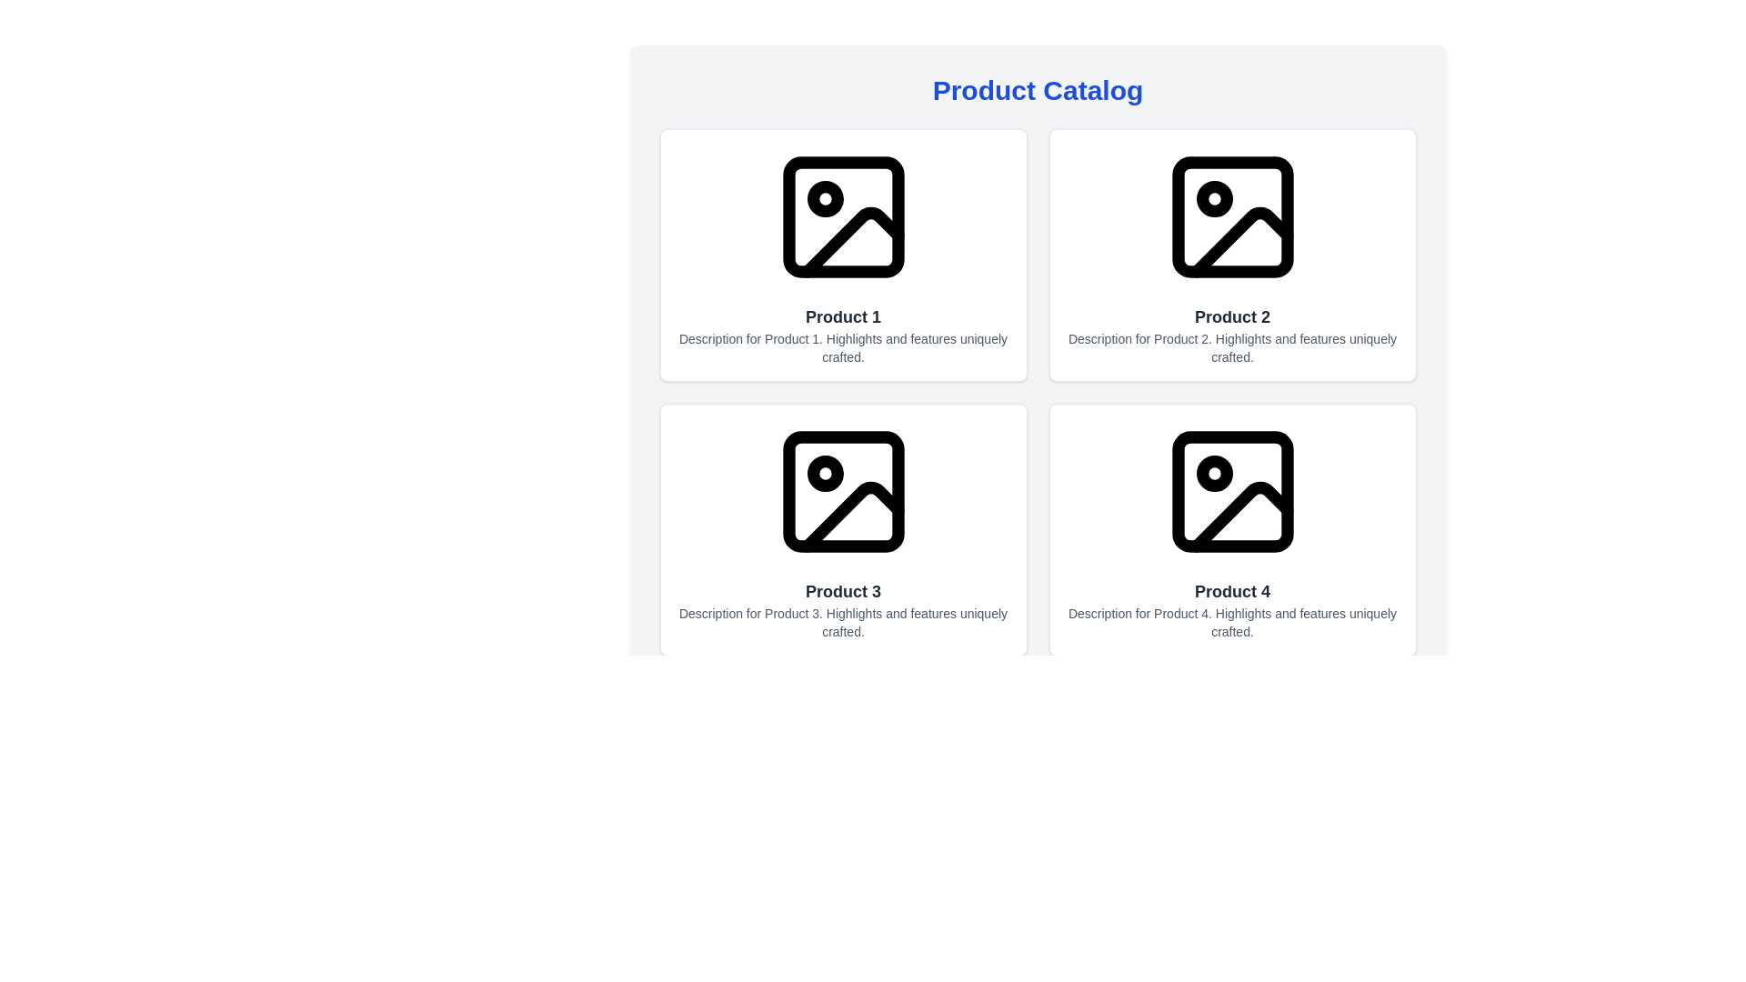 This screenshot has width=1746, height=982. I want to click on the small rectangle with rounded corners inside the image placeholder icon of the 'Product 3' card located in the bottom-left of the grid layout, so click(842, 491).